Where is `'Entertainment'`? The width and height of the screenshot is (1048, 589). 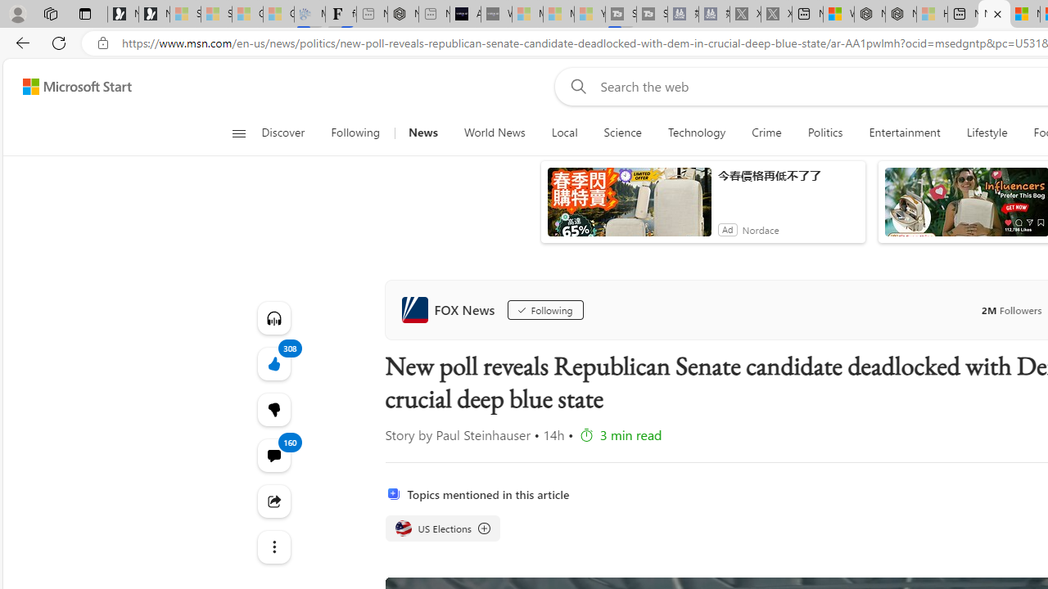 'Entertainment' is located at coordinates (903, 133).